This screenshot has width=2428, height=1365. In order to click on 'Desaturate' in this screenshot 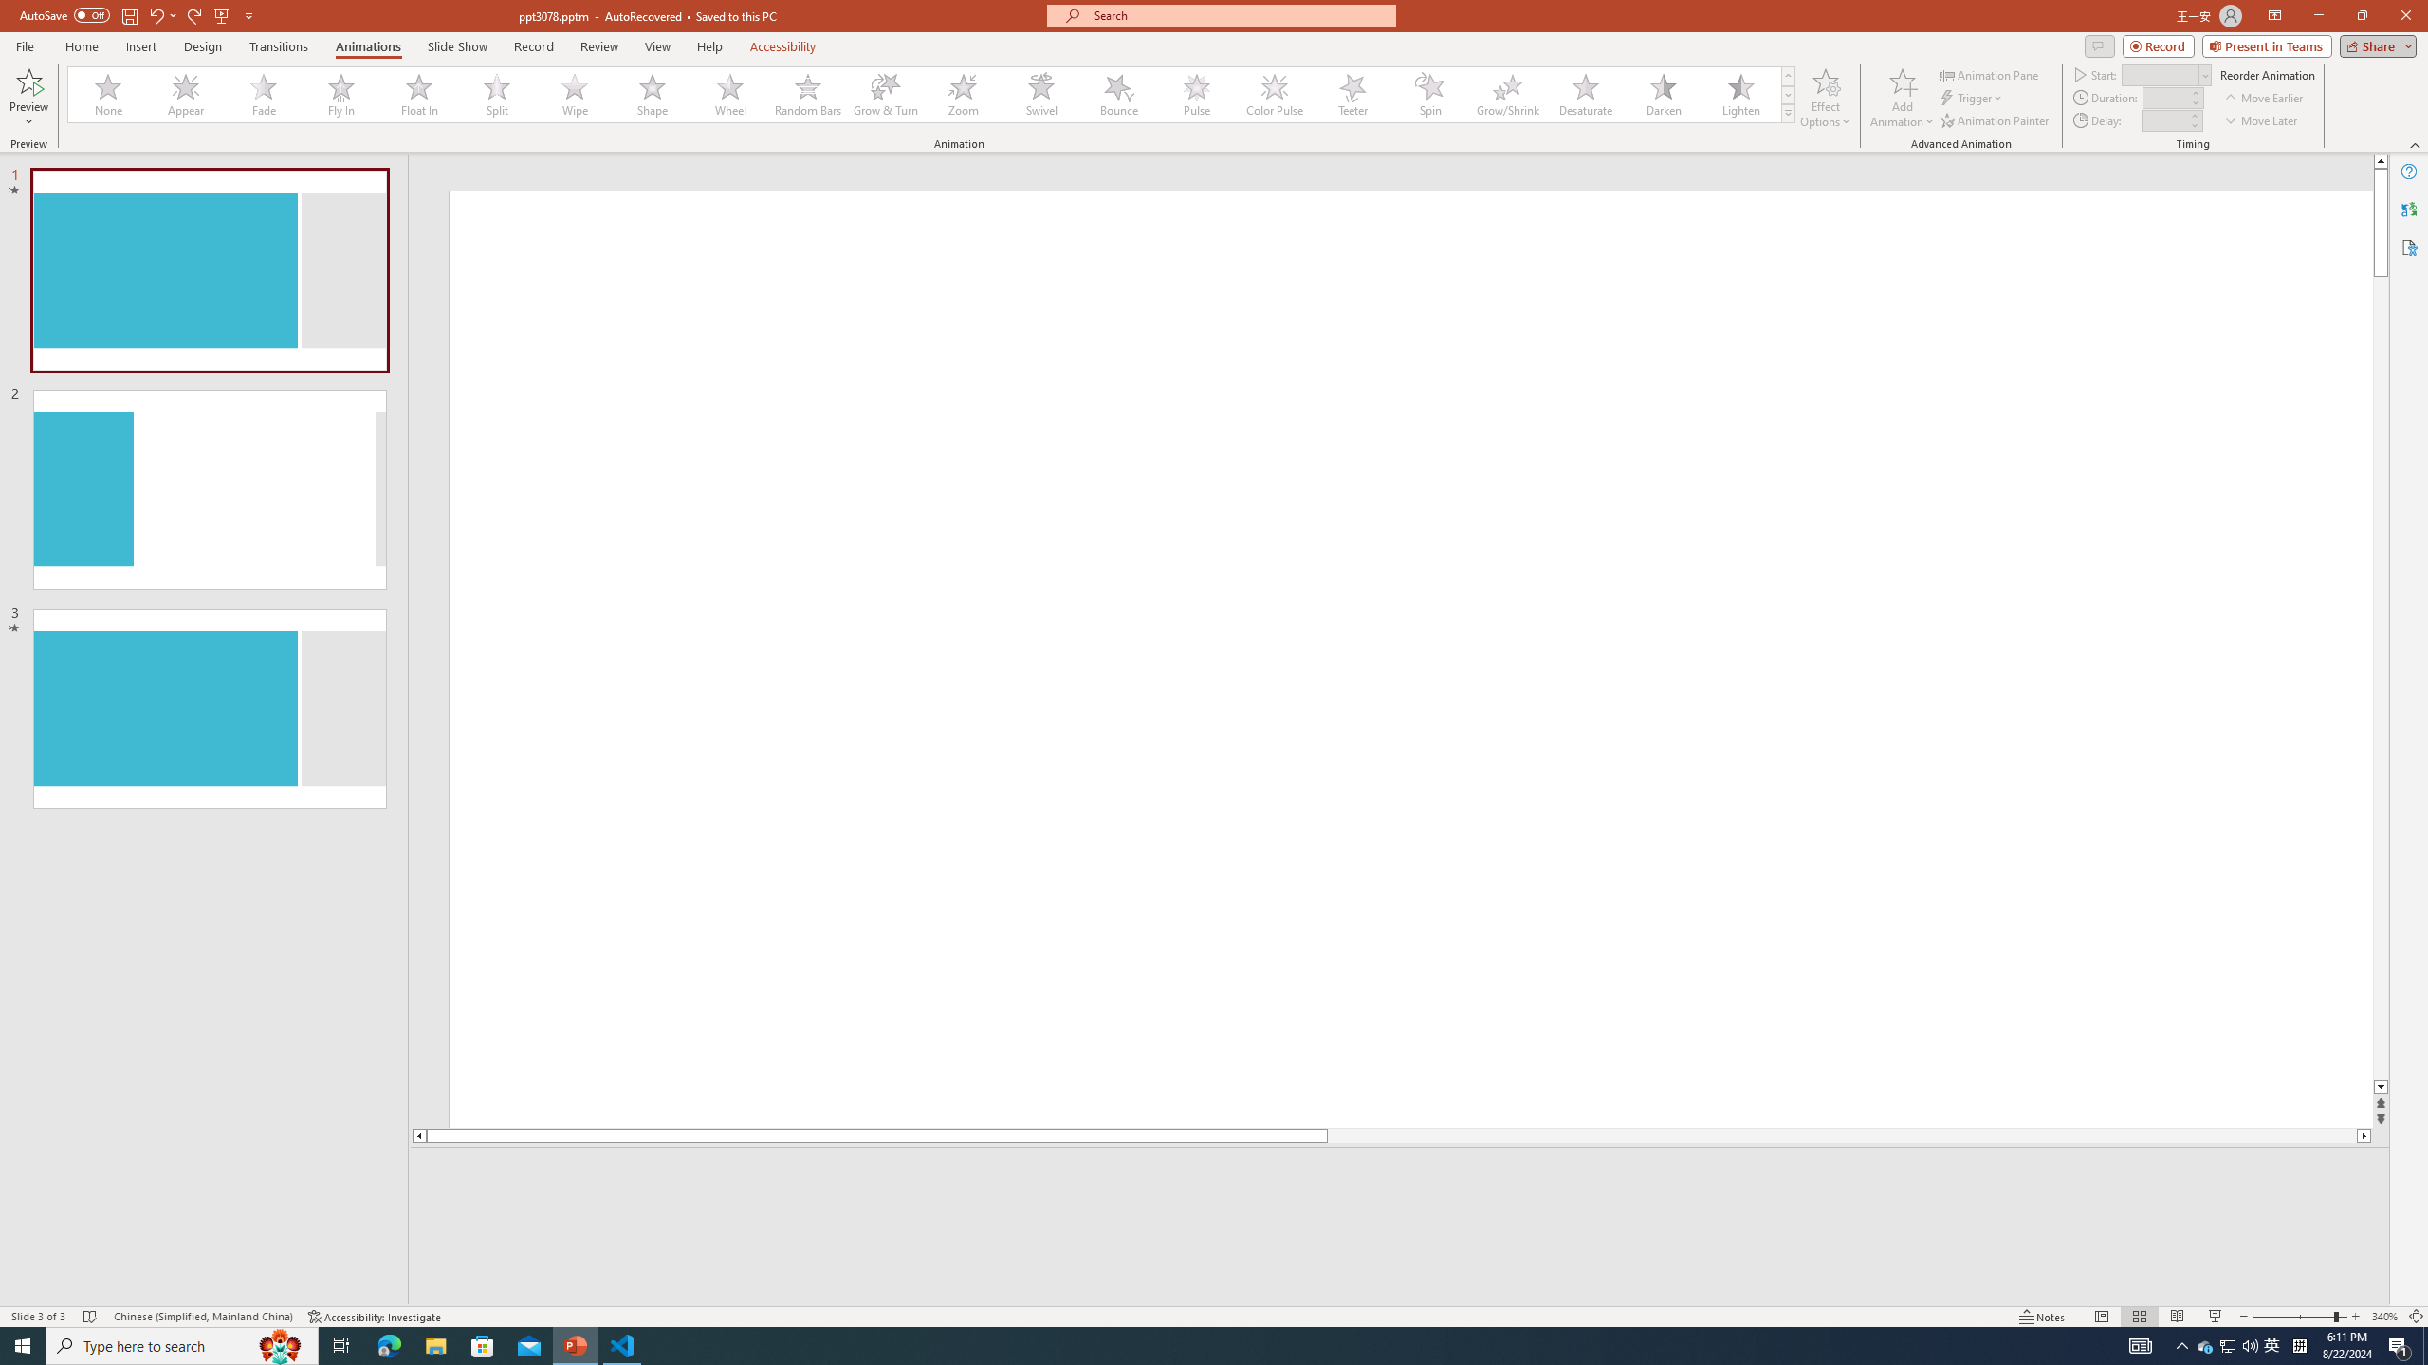, I will do `click(1585, 94)`.